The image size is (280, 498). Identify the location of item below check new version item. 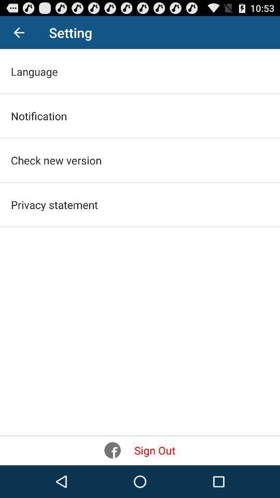
(54, 204).